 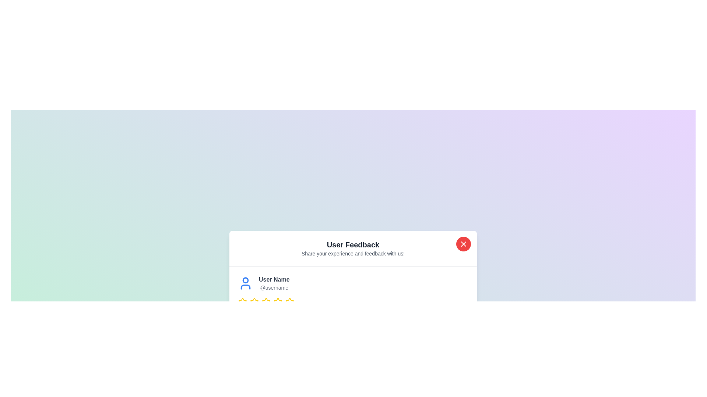 I want to click on the 'X' shaped icon in the red circular button located at the top-right corner of the 'User Feedback' dialog, so click(x=463, y=244).